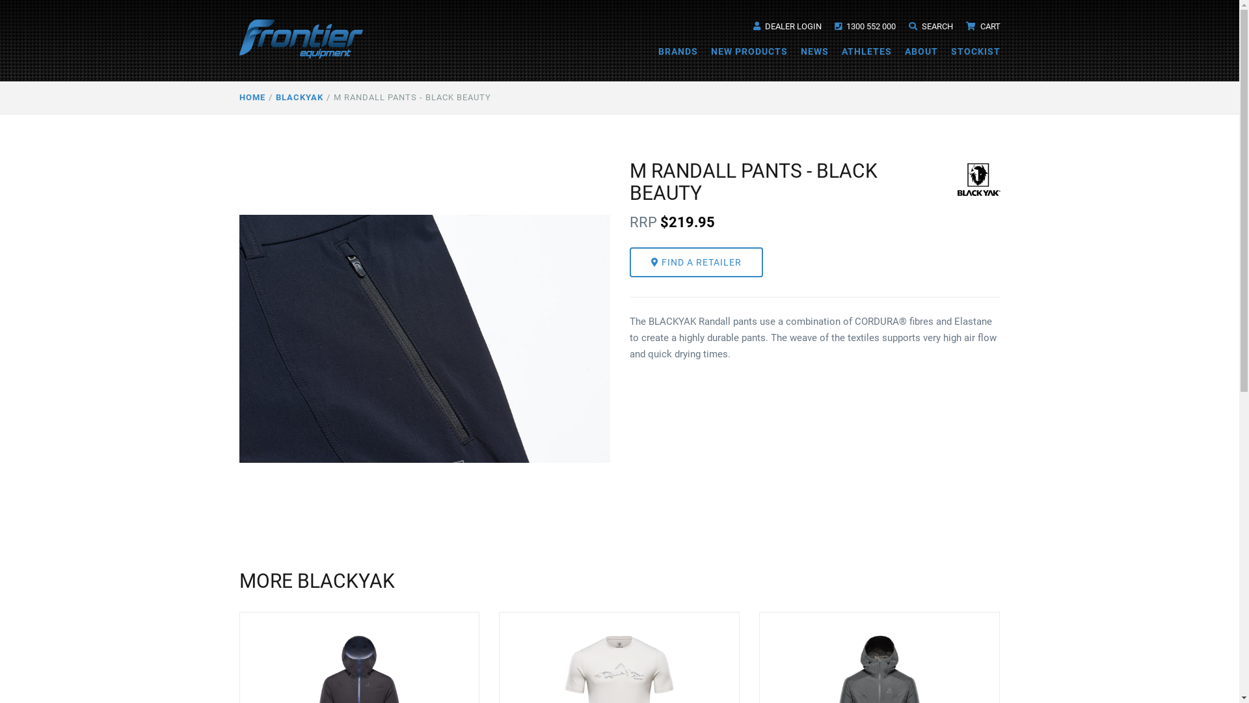 The height and width of the screenshot is (703, 1249). I want to click on 'CART', so click(965, 26).